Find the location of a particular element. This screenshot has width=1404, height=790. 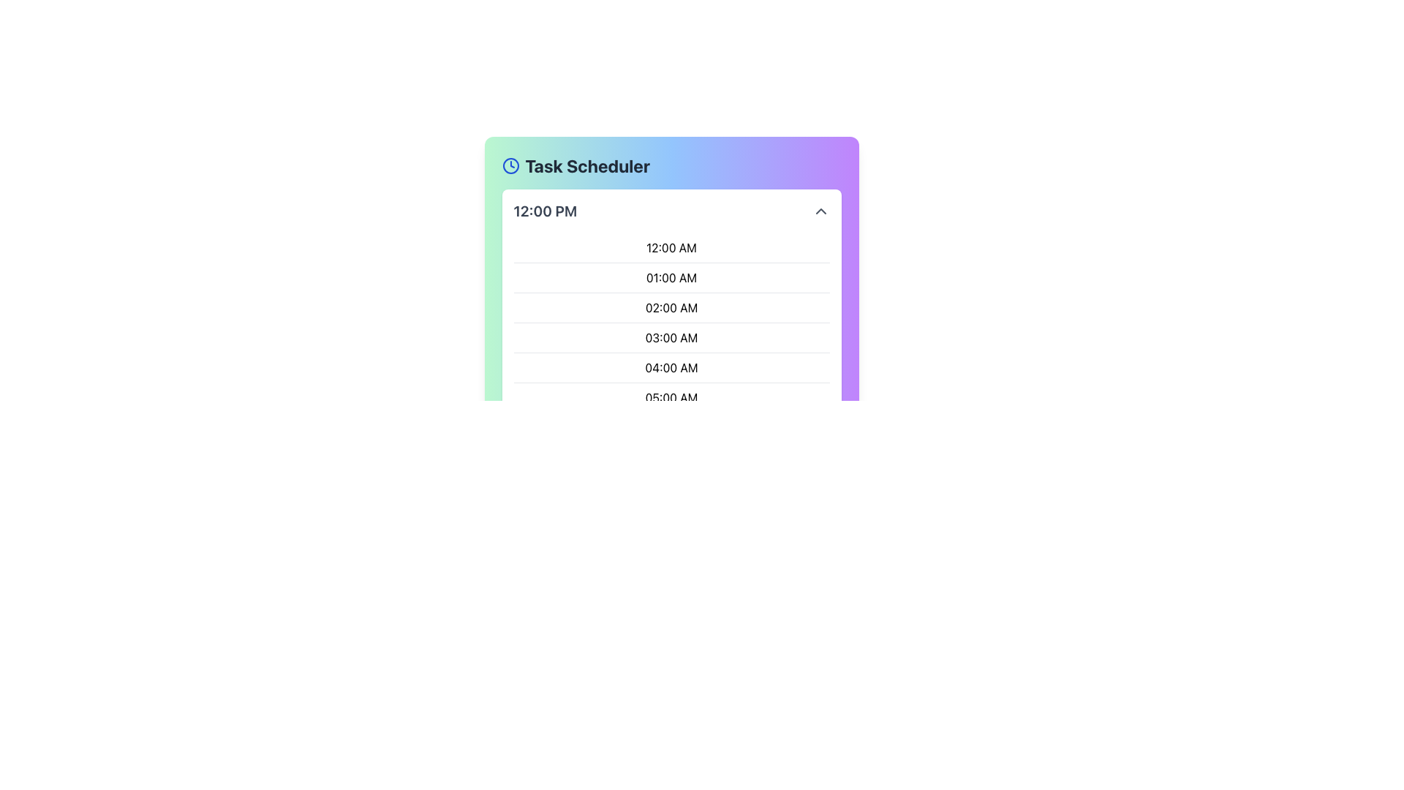

the circular SVG element that is part of the clock icon, located to the left of the 'Task Scheduler' text in the header area is located at coordinates (510, 165).